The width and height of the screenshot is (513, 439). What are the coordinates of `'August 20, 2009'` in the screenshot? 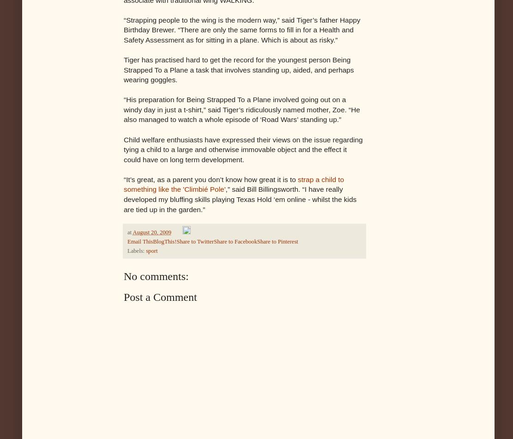 It's located at (132, 232).